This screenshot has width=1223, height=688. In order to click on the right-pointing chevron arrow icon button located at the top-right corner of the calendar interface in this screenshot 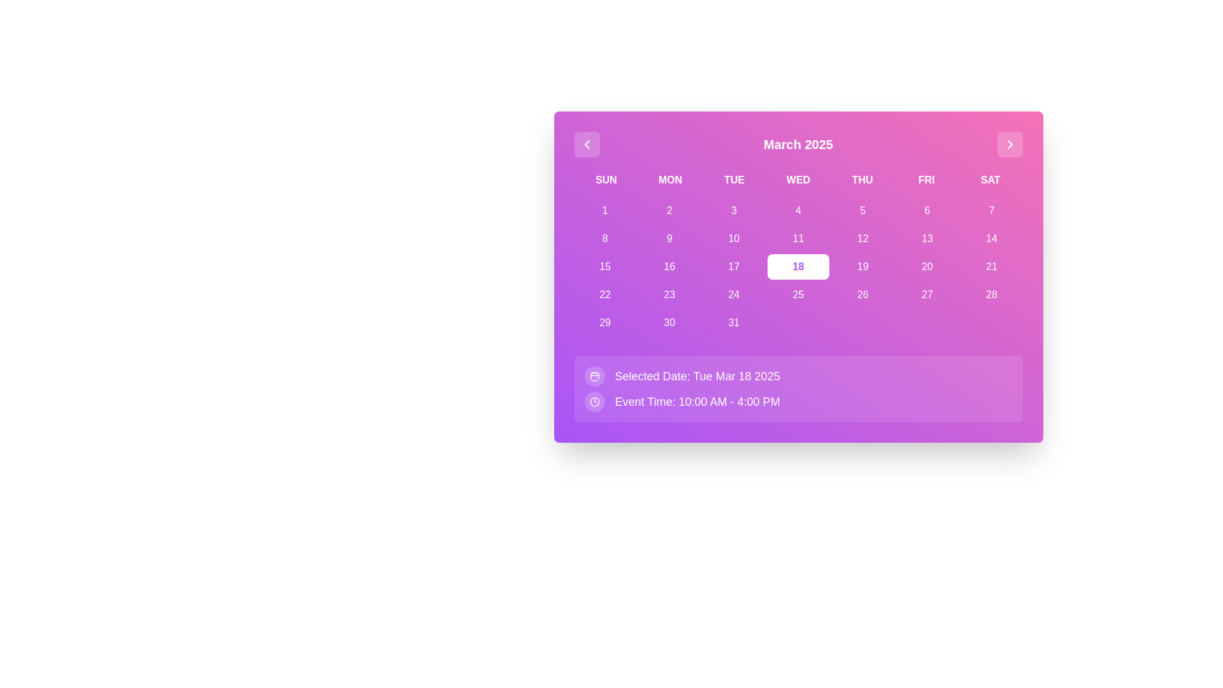, I will do `click(1009, 144)`.